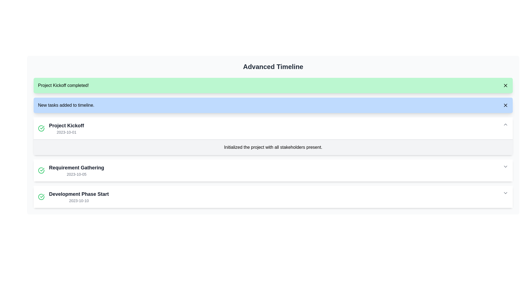 This screenshot has height=297, width=529. Describe the element at coordinates (273, 197) in the screenshot. I see `the timeline entry section for 'Development Phase Start'` at that location.